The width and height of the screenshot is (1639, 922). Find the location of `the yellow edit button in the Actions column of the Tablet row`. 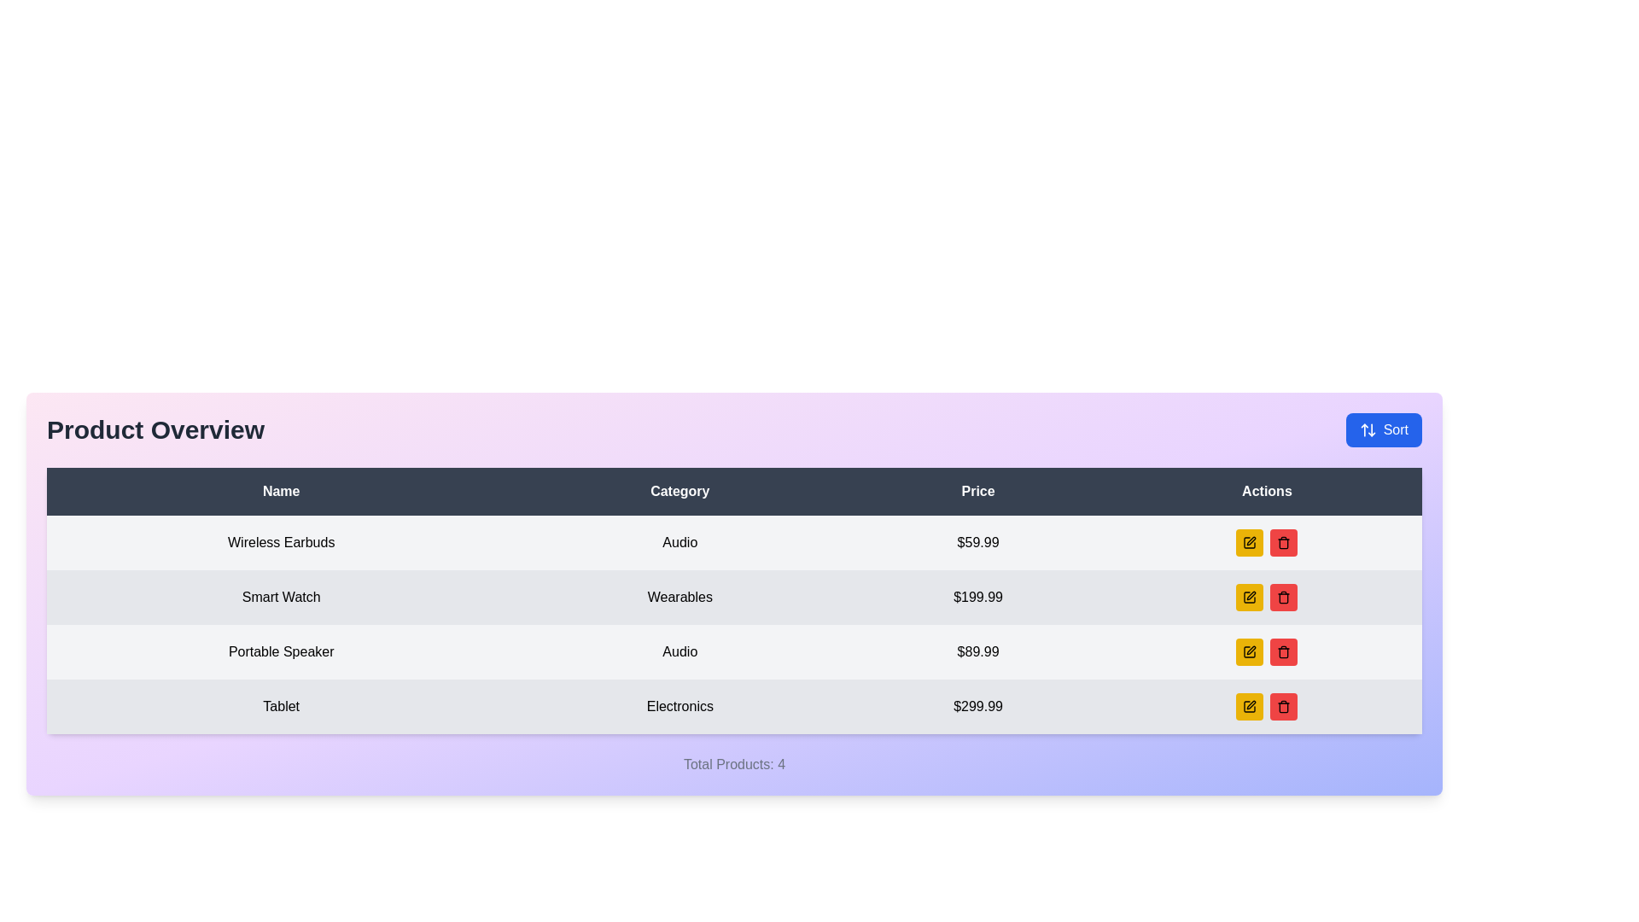

the yellow edit button in the Actions column of the Tablet row is located at coordinates (1266, 707).